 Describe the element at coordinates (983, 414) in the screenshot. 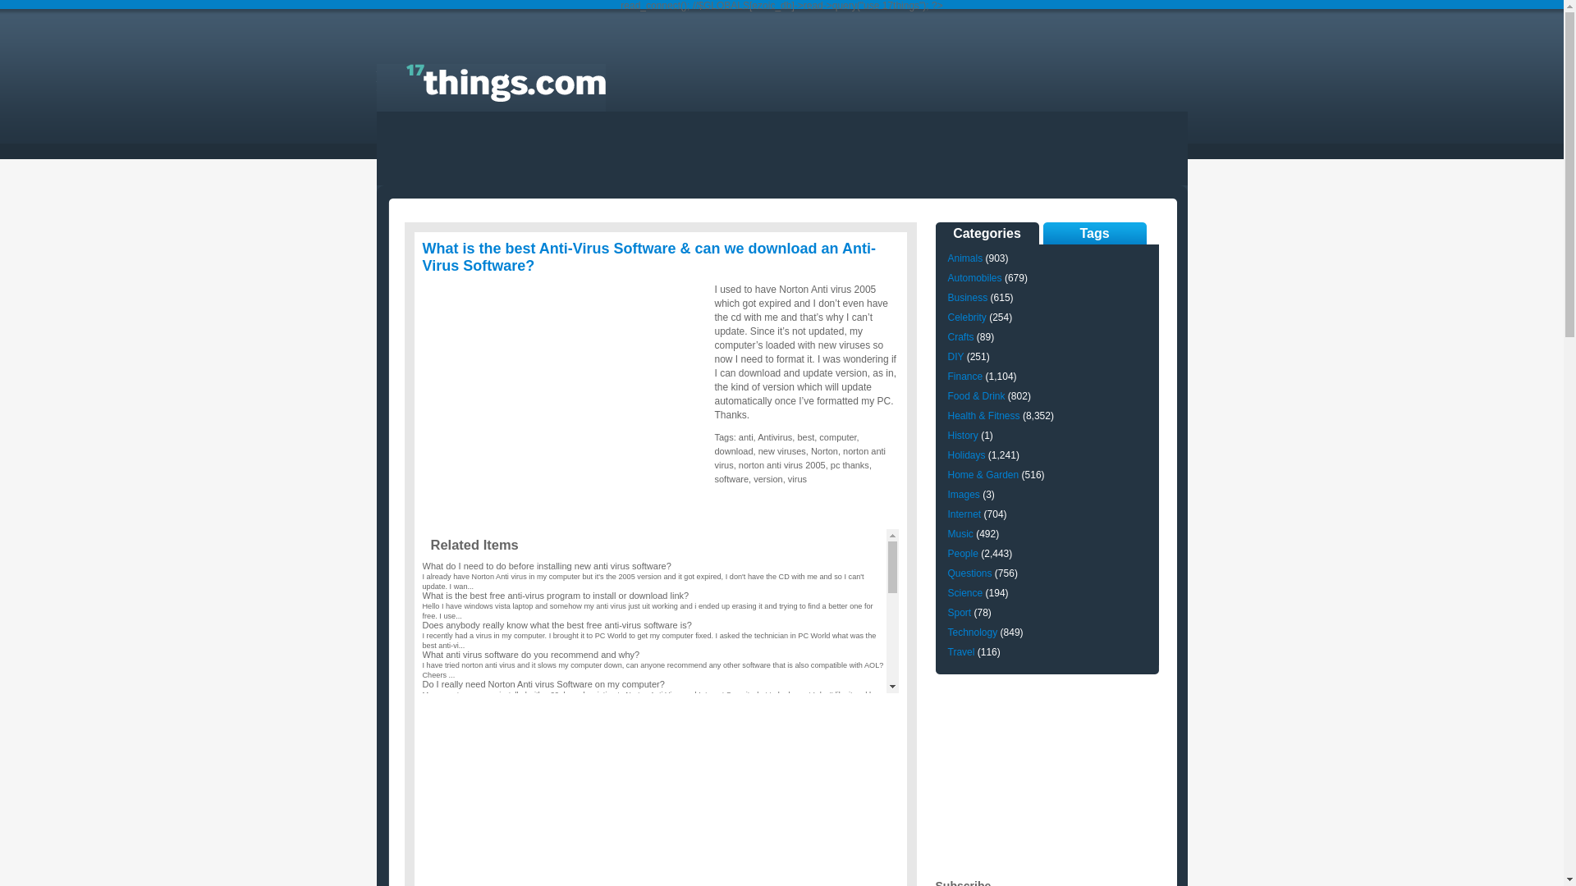

I see `'Health & Fitness'` at that location.